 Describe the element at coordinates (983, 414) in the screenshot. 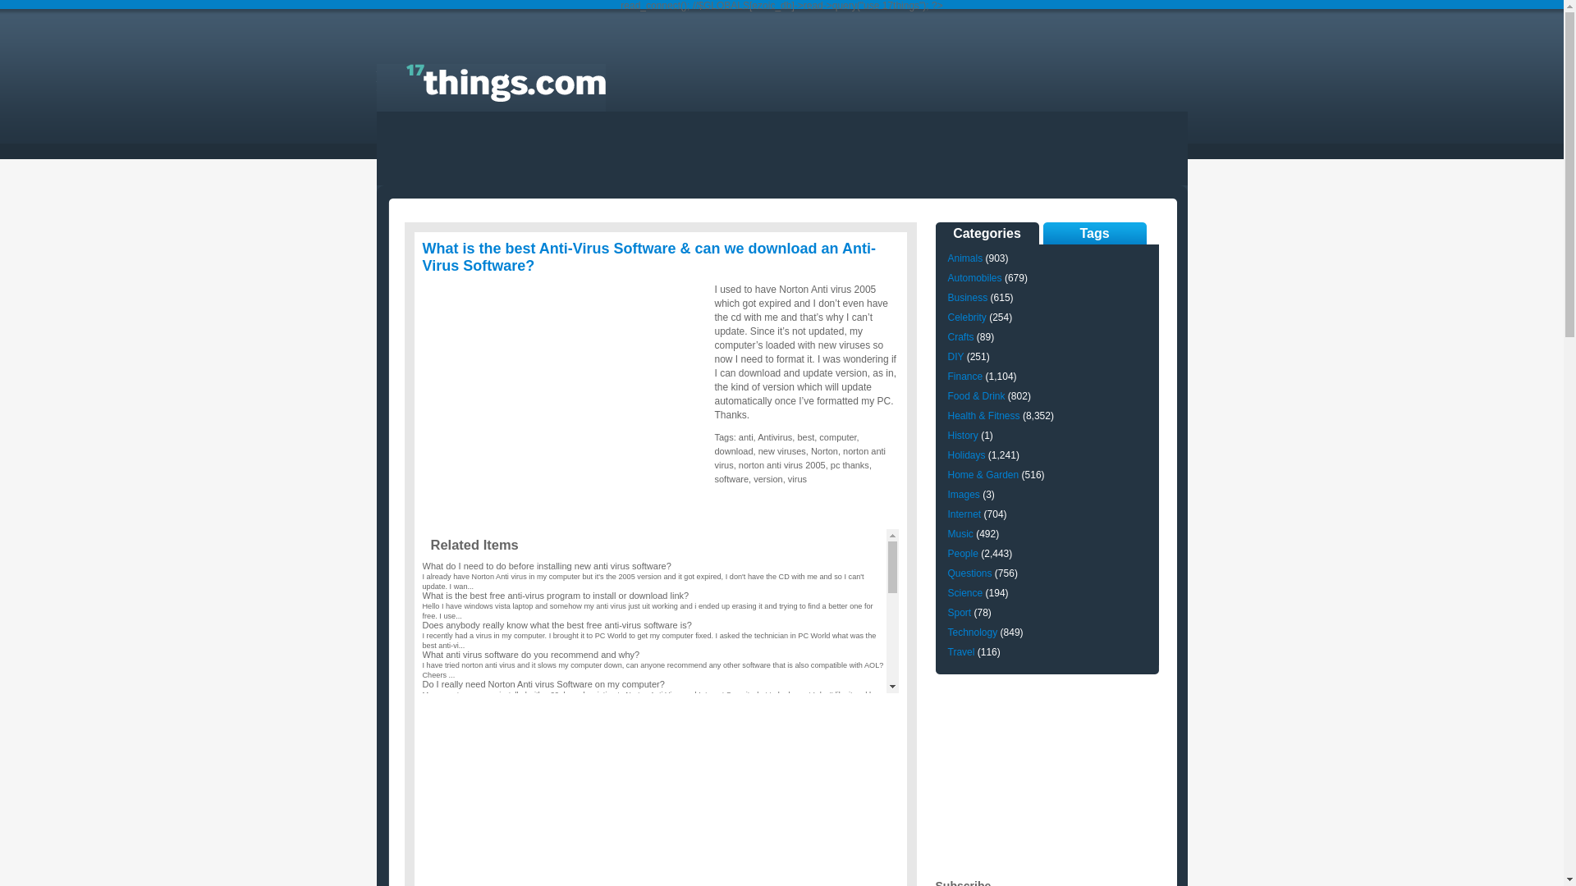

I see `'Health & Fitness'` at that location.